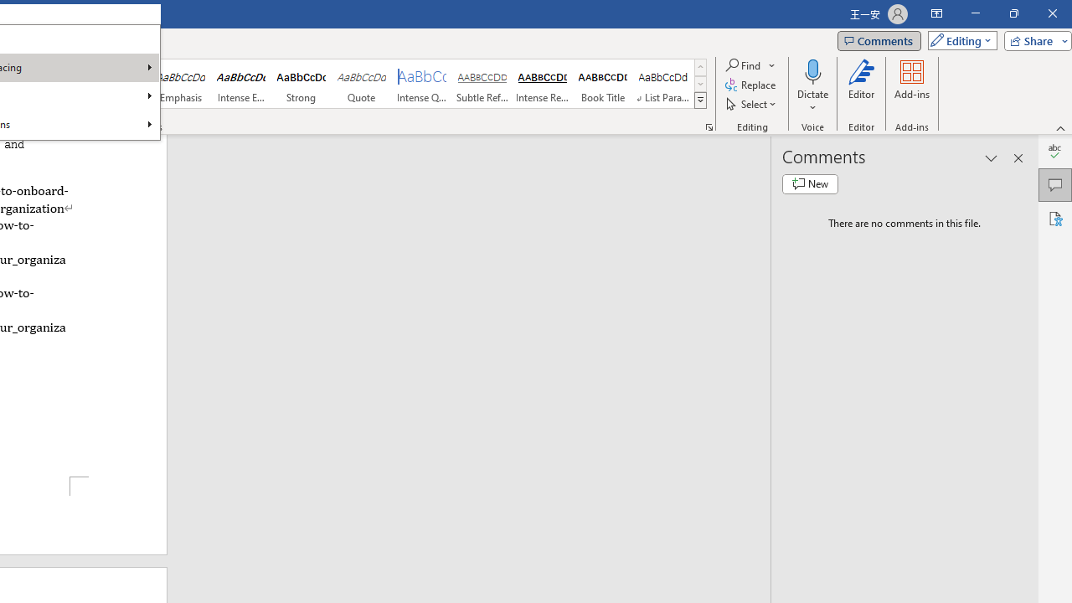  What do you see at coordinates (700, 66) in the screenshot?
I see `'Row up'` at bounding box center [700, 66].